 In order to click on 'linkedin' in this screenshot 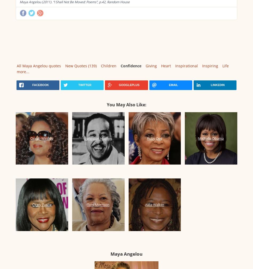, I will do `click(217, 85)`.